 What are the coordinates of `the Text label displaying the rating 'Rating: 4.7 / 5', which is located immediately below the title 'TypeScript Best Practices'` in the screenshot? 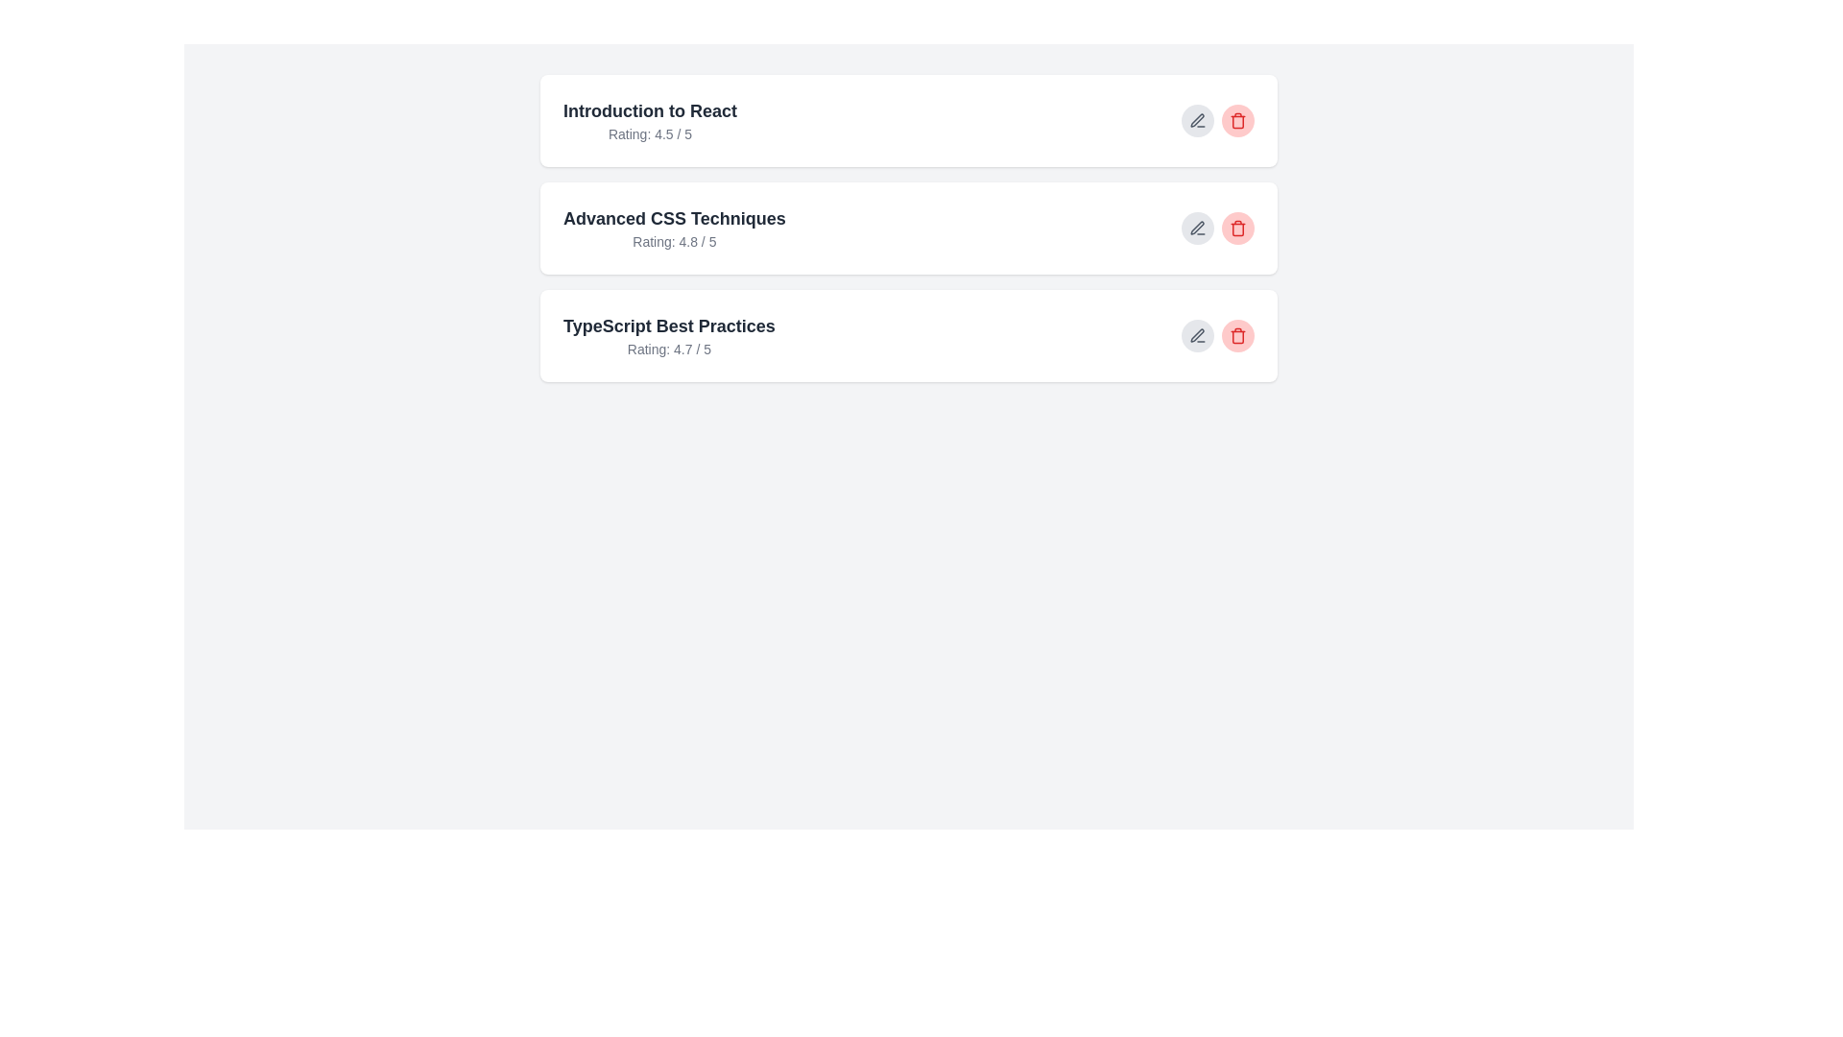 It's located at (669, 349).